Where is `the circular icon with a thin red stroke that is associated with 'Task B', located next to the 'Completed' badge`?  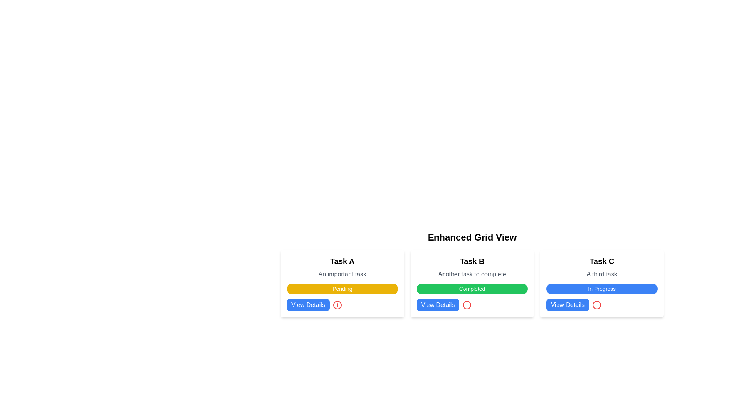
the circular icon with a thin red stroke that is associated with 'Task B', located next to the 'Completed' badge is located at coordinates (467, 305).